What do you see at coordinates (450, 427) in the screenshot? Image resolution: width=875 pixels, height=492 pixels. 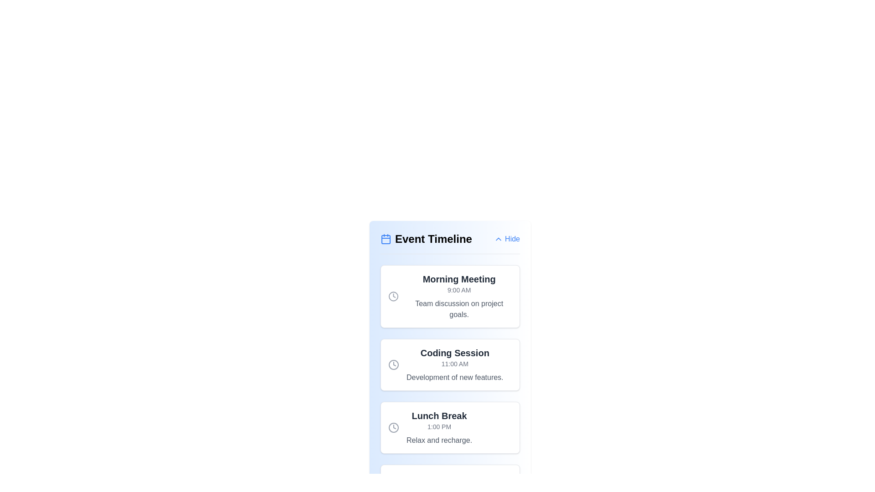 I see `the Informational card for the 'Lunch Break' event, which is the third block-event in the timeline interface, positioned centrally below the 'Coding Session' event` at bounding box center [450, 427].